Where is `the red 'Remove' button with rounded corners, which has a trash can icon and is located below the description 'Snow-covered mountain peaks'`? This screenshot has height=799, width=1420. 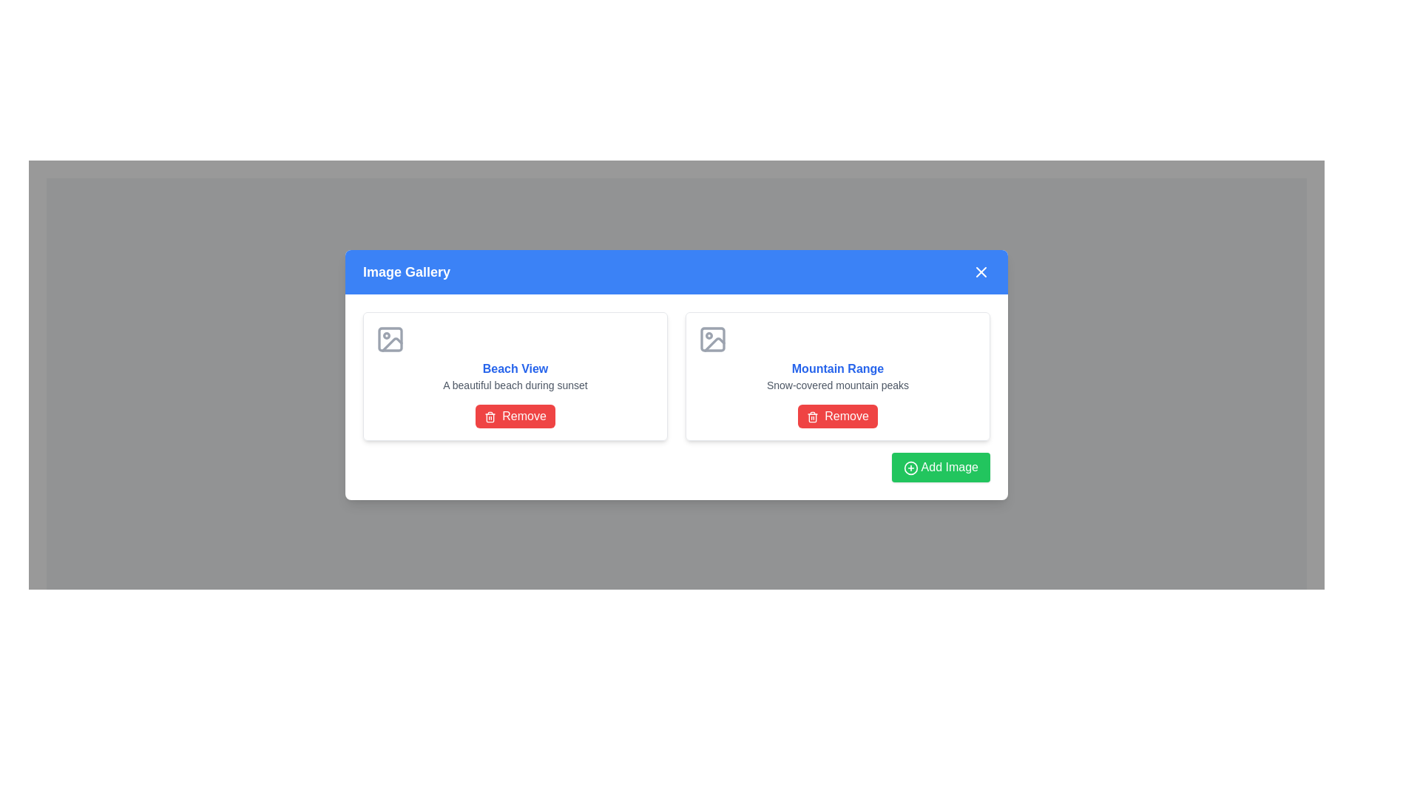 the red 'Remove' button with rounded corners, which has a trash can icon and is located below the description 'Snow-covered mountain peaks' is located at coordinates (837, 417).